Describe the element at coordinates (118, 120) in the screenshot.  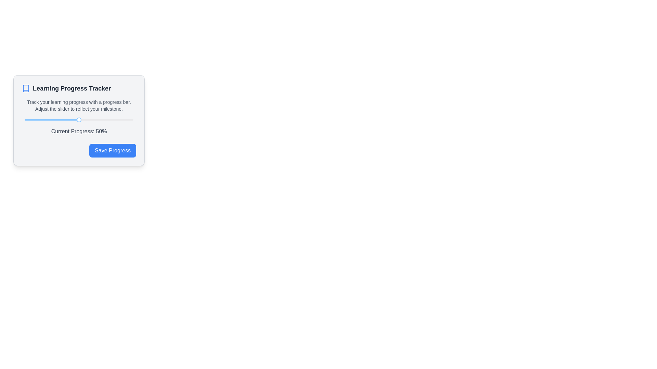
I see `the current progress` at that location.